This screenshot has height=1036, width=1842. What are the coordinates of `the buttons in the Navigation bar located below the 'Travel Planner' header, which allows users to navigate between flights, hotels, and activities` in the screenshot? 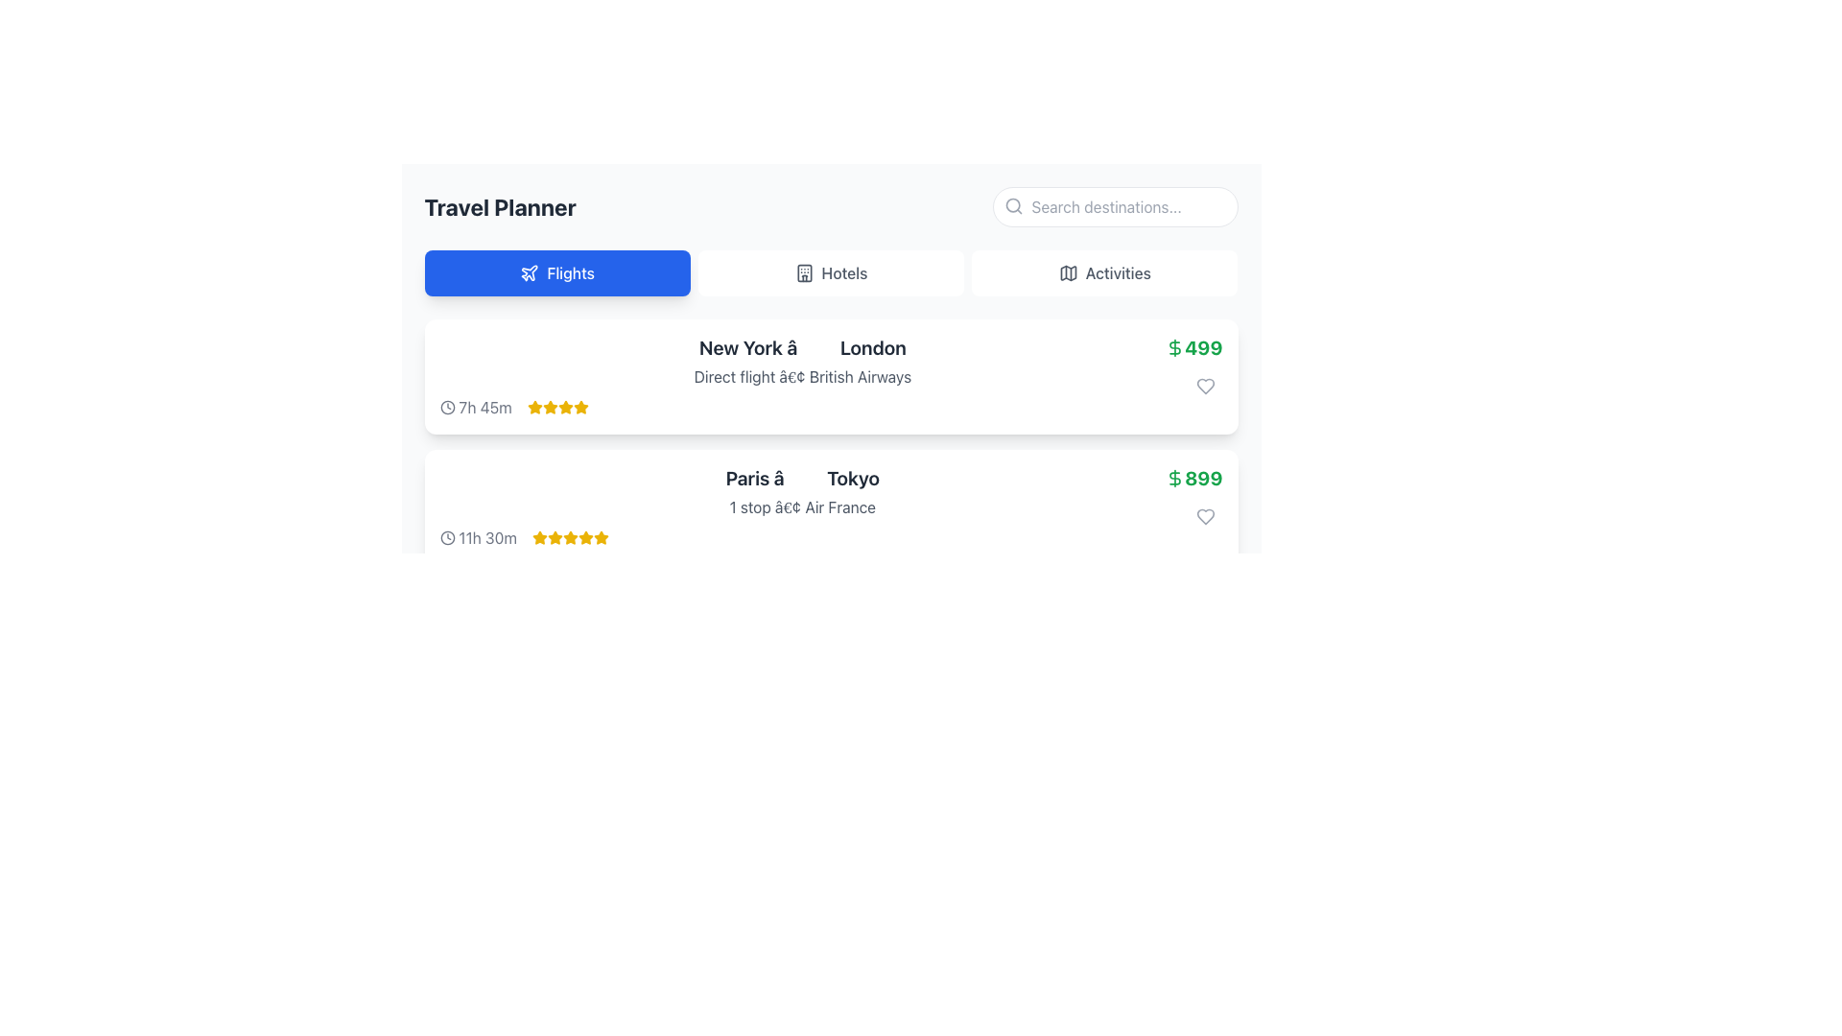 It's located at (831, 273).